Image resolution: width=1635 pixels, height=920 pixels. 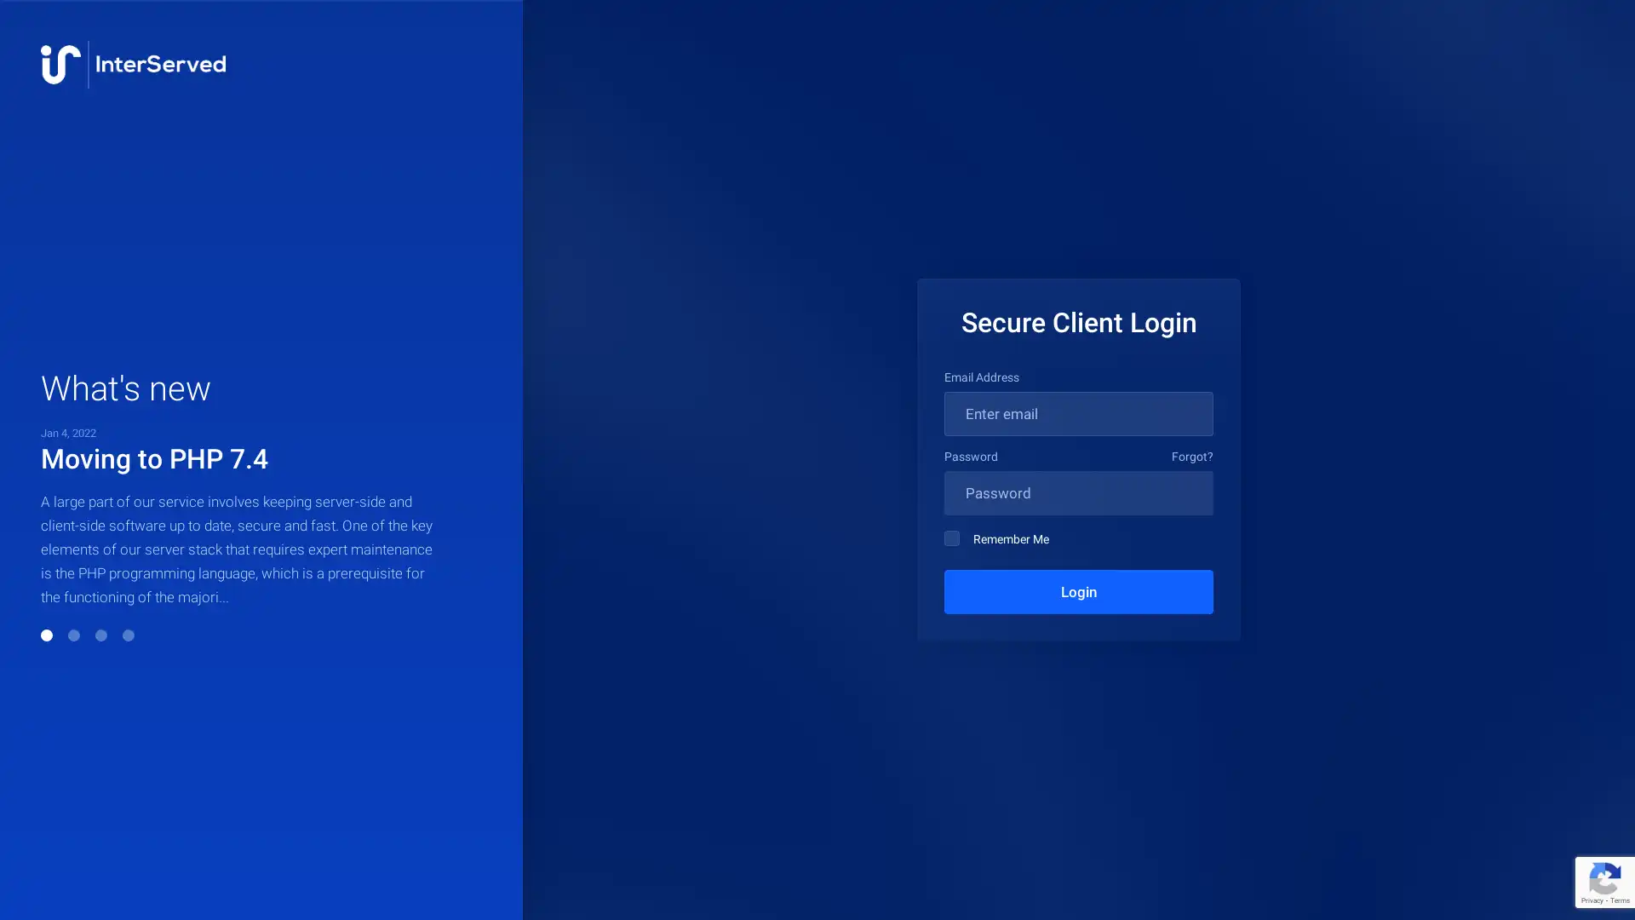 What do you see at coordinates (100, 652) in the screenshot?
I see `Go to slide 3` at bounding box center [100, 652].